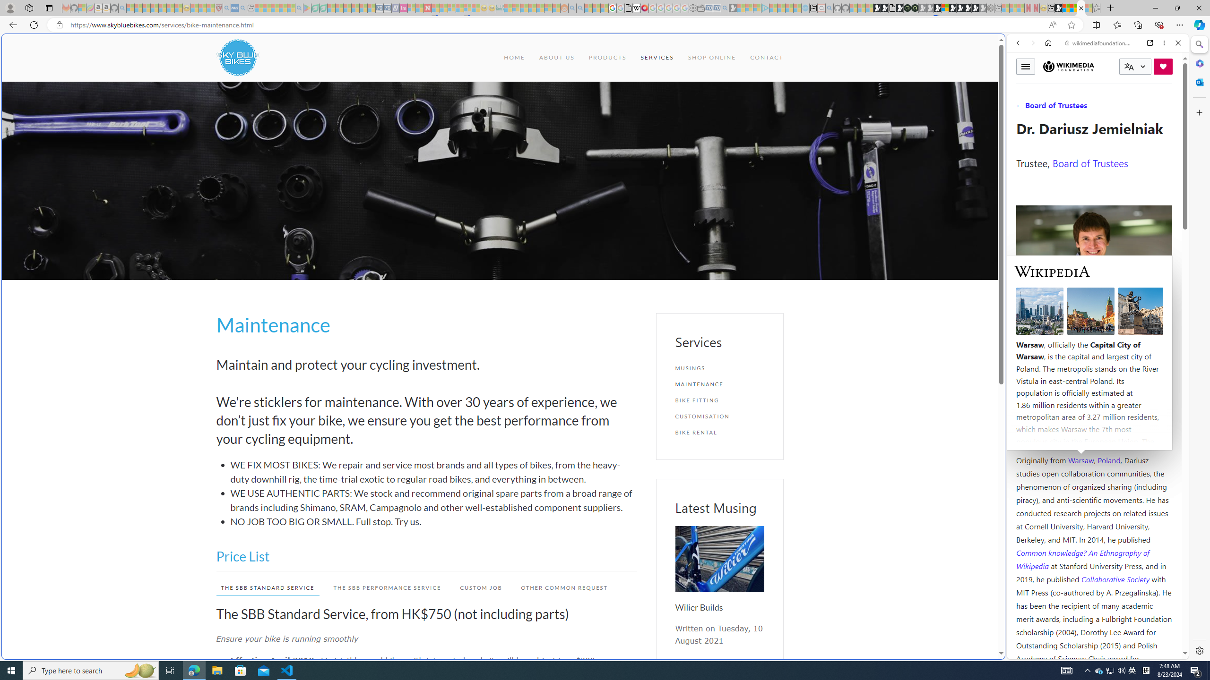  I want to click on 'Warsaw', so click(1080, 459).